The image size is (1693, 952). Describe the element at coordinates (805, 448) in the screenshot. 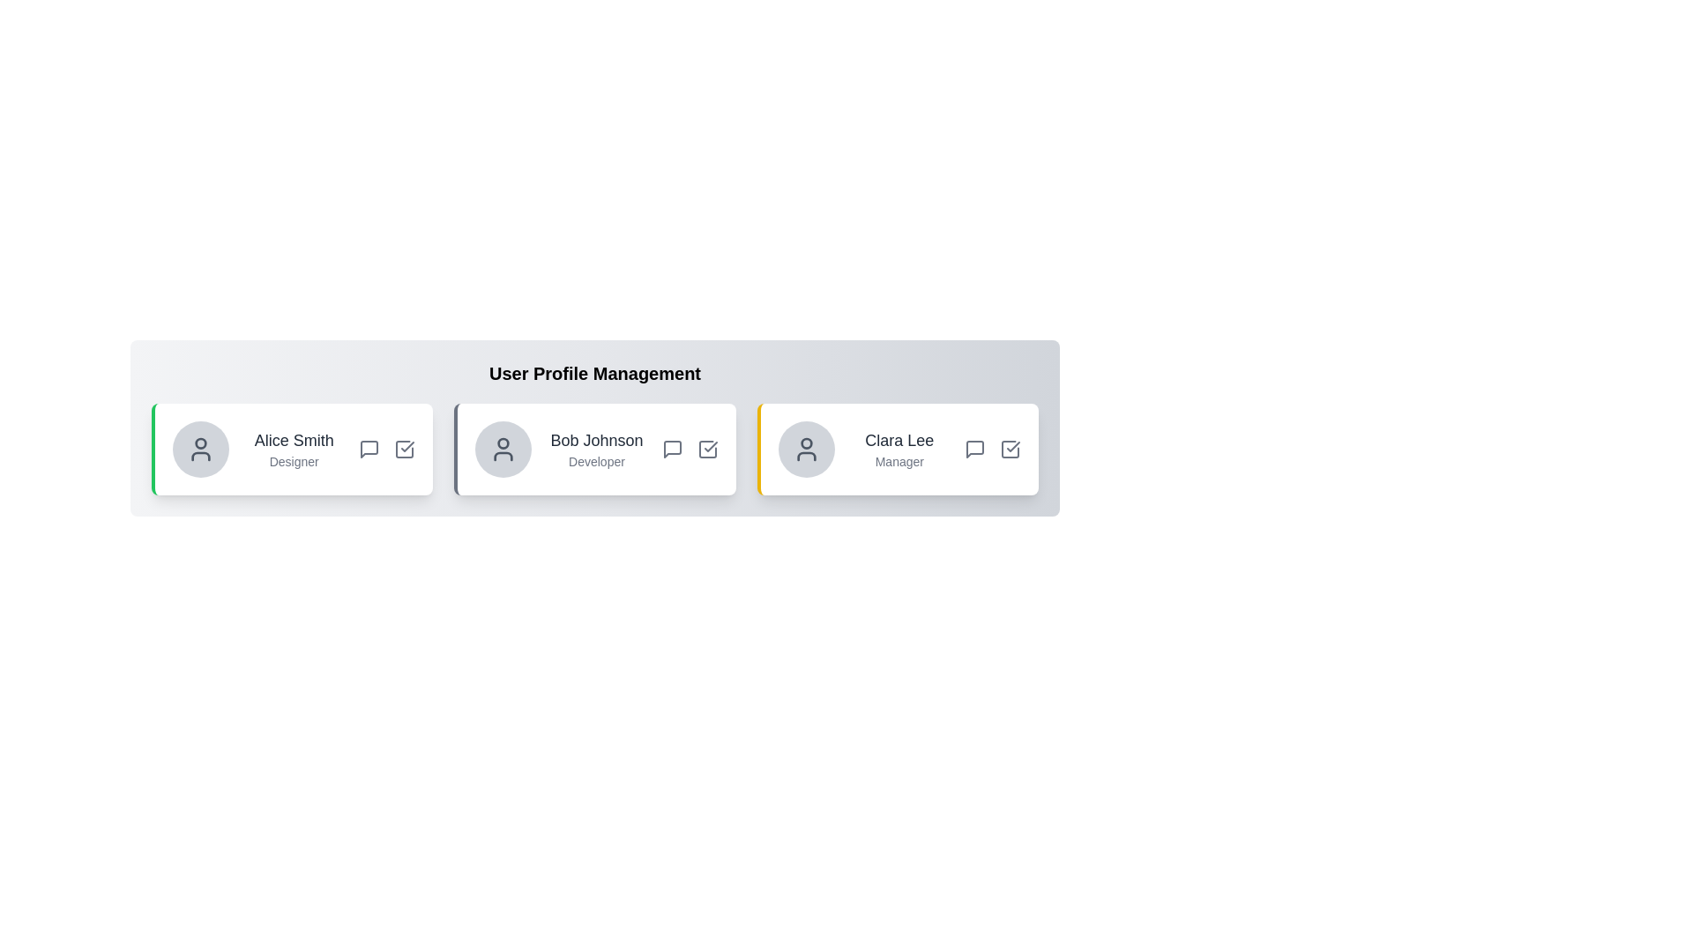

I see `the circular user icon with a grey background and user outline in the user card for 'Clara Lee - Manager', located to the left of the user's name` at that location.